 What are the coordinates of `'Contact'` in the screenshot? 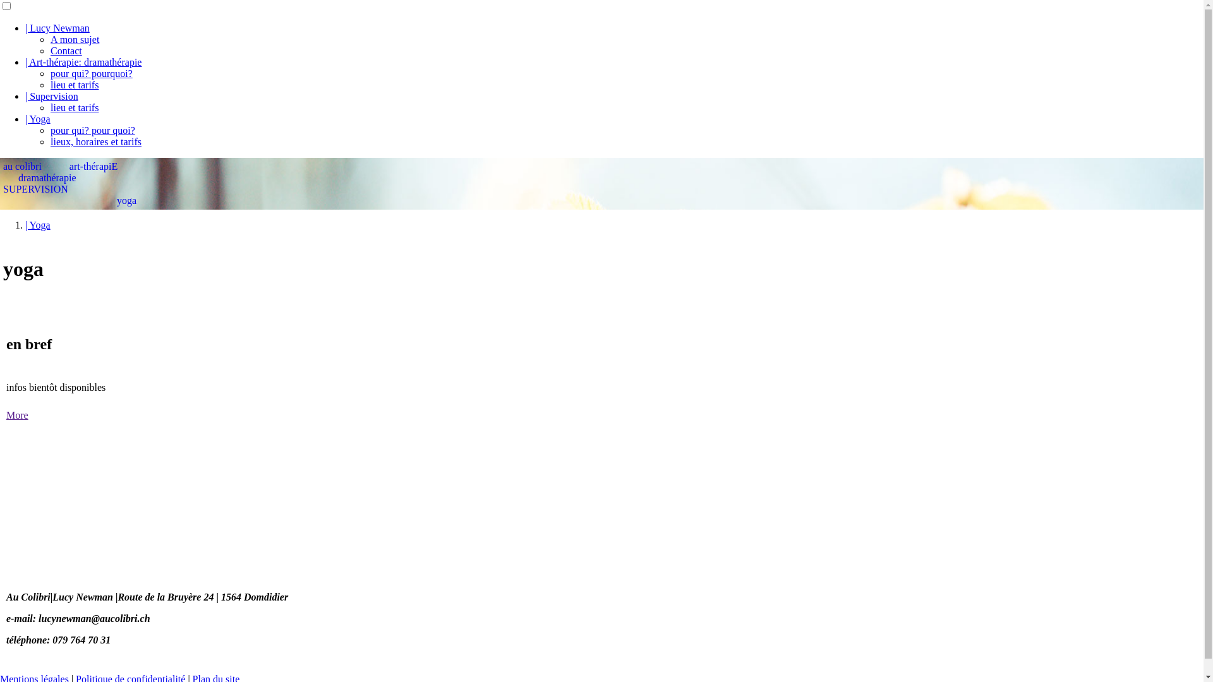 It's located at (66, 50).